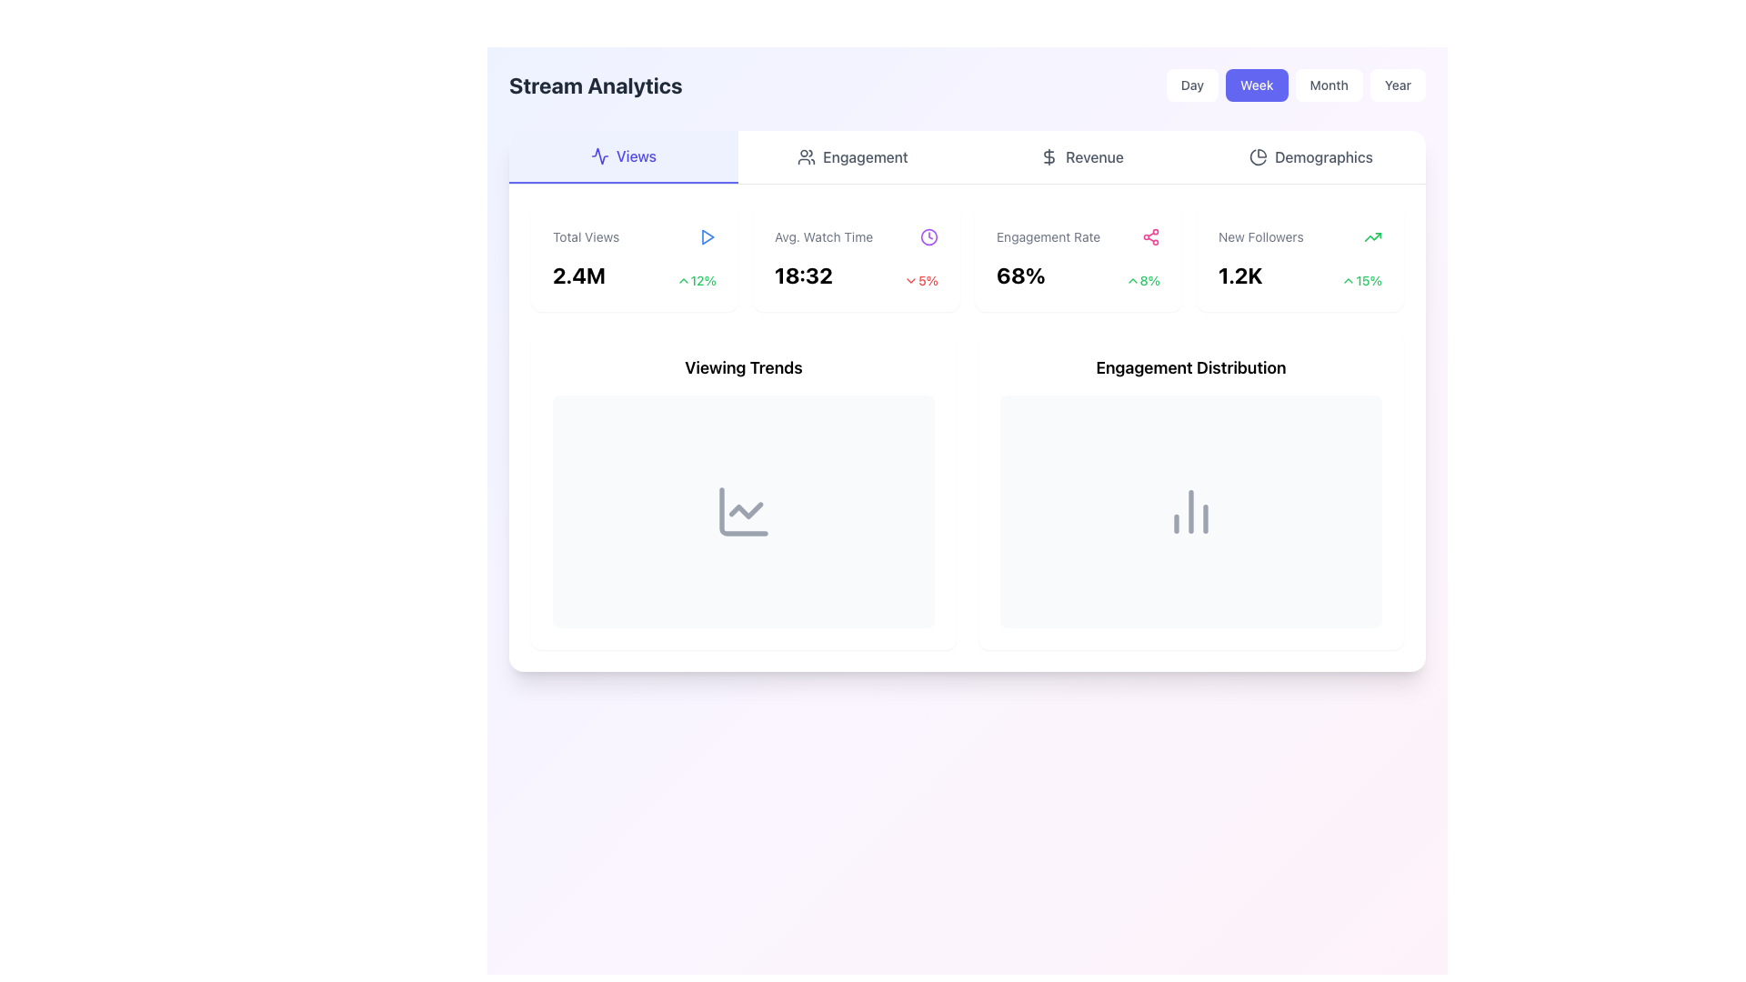 This screenshot has height=982, width=1746. What do you see at coordinates (1349, 280) in the screenshot?
I see `the minimalist upwards chevron icon, which is styled in green and indicates a positive trend, located next to the percentage value '15%' in the 'New Followers' card` at bounding box center [1349, 280].